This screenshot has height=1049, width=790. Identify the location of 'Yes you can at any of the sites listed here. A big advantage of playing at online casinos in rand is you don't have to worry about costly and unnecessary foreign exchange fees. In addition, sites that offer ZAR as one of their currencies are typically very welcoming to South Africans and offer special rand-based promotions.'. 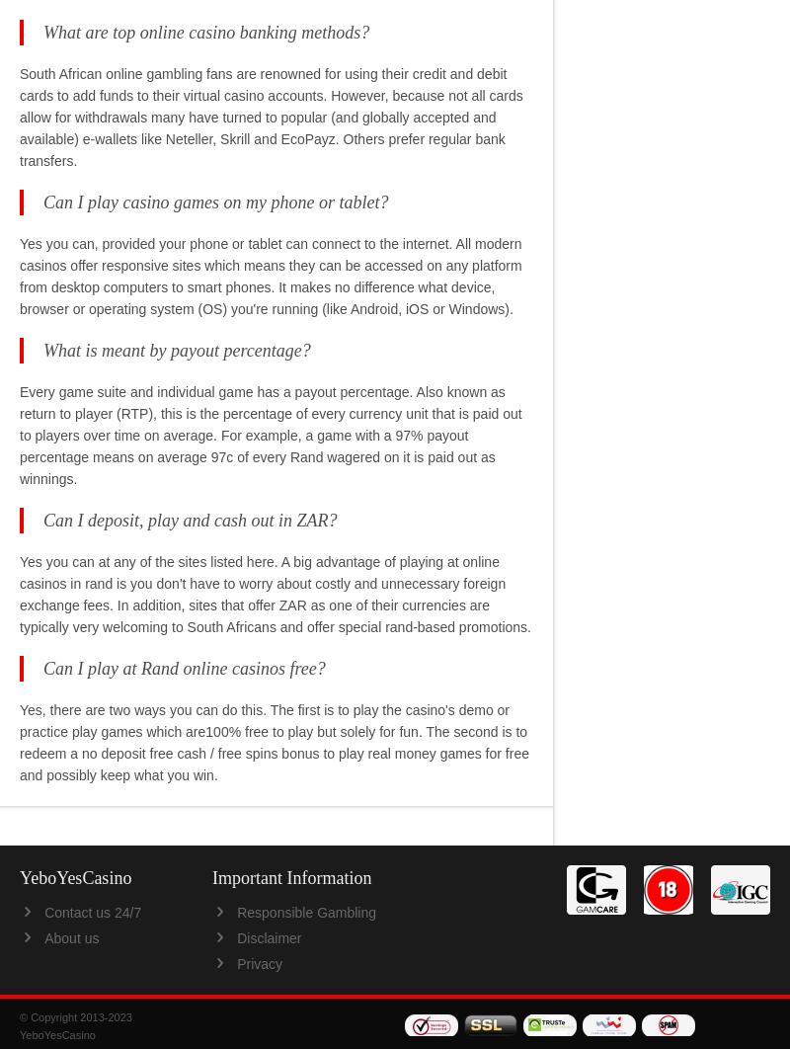
(276, 593).